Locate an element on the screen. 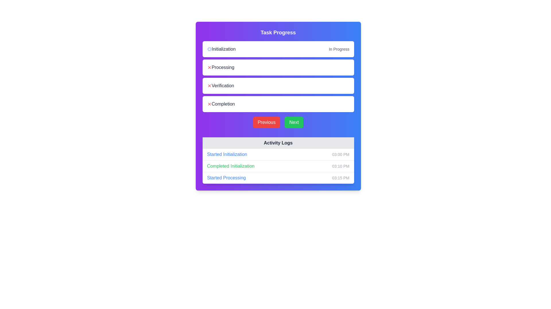  the green text label that reads 'Completed Initialization', located in the second row of the 'Activity Logs' section, positioned below 'Started Initialization' and above 'Started Processing' is located at coordinates (231, 166).